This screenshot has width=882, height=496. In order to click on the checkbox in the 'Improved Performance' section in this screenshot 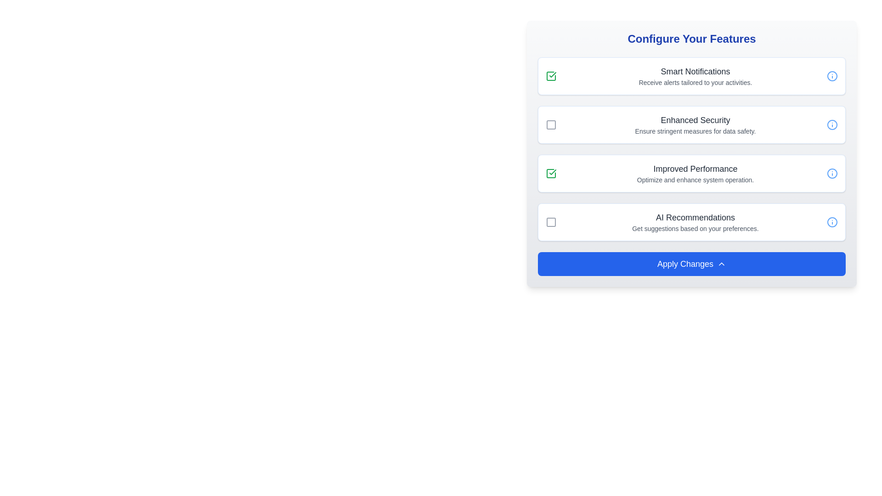, I will do `click(692, 174)`.